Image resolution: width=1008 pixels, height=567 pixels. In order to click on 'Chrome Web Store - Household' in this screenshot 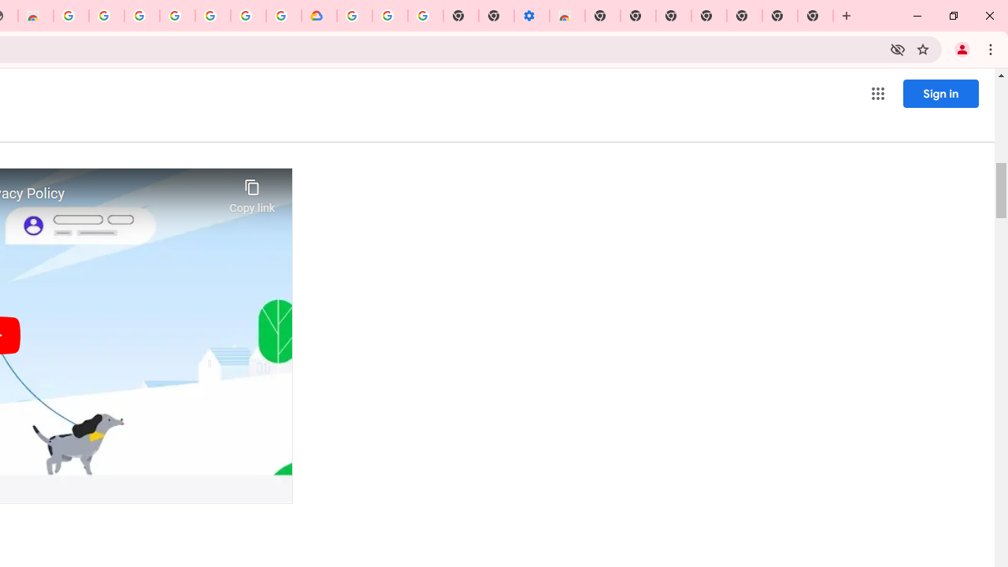, I will do `click(35, 16)`.